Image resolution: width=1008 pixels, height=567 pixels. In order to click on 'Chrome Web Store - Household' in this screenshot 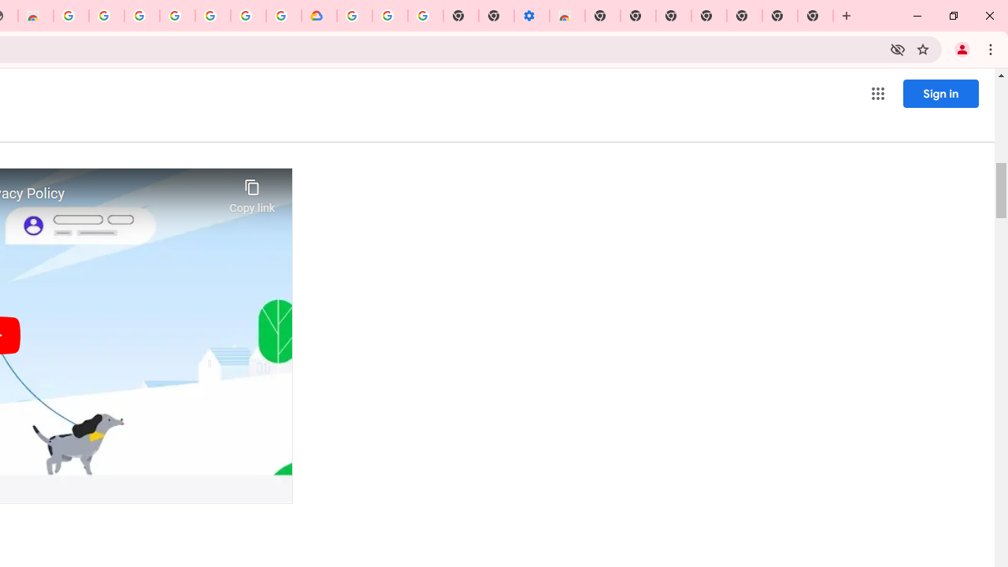, I will do `click(35, 16)`.